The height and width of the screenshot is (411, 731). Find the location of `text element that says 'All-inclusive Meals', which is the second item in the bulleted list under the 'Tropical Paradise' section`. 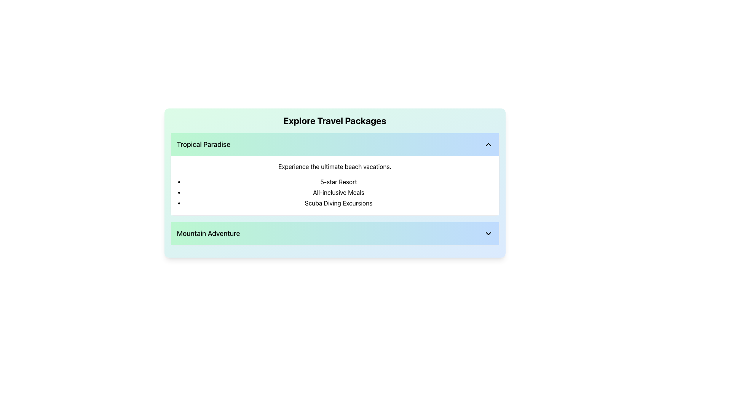

text element that says 'All-inclusive Meals', which is the second item in the bulleted list under the 'Tropical Paradise' section is located at coordinates (338, 192).